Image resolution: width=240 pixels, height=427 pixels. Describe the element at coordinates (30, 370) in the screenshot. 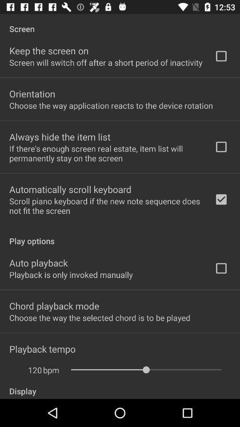

I see `the 120 icon` at that location.